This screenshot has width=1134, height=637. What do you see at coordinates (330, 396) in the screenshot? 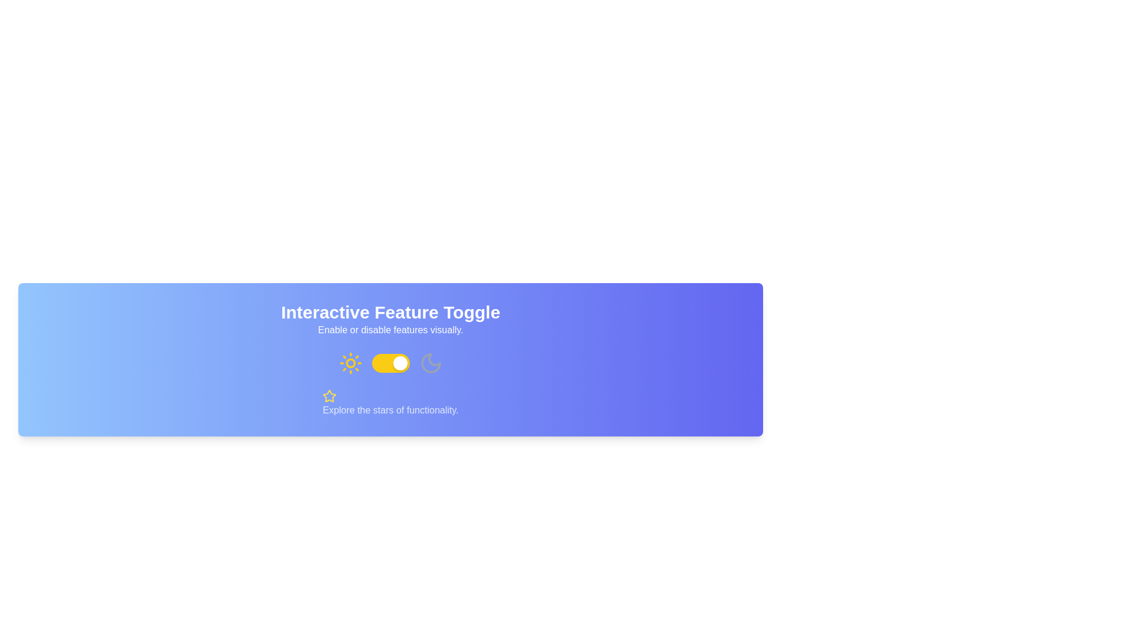
I see `the star icon located at the bottom-left corner of the blue interface area, positioned below the toggle switch component, to interact or trigger a response` at bounding box center [330, 396].